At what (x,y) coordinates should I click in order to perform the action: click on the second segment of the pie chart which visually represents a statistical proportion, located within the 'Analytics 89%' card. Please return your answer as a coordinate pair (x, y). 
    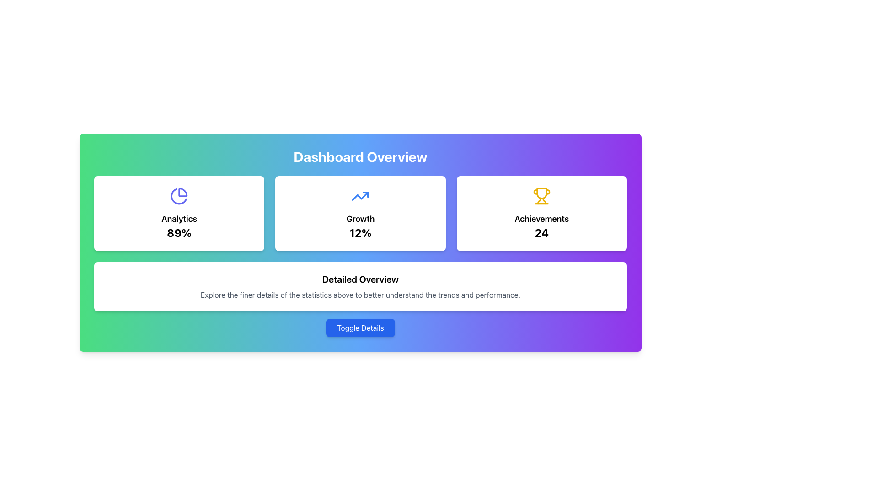
    Looking at the image, I should click on (179, 196).